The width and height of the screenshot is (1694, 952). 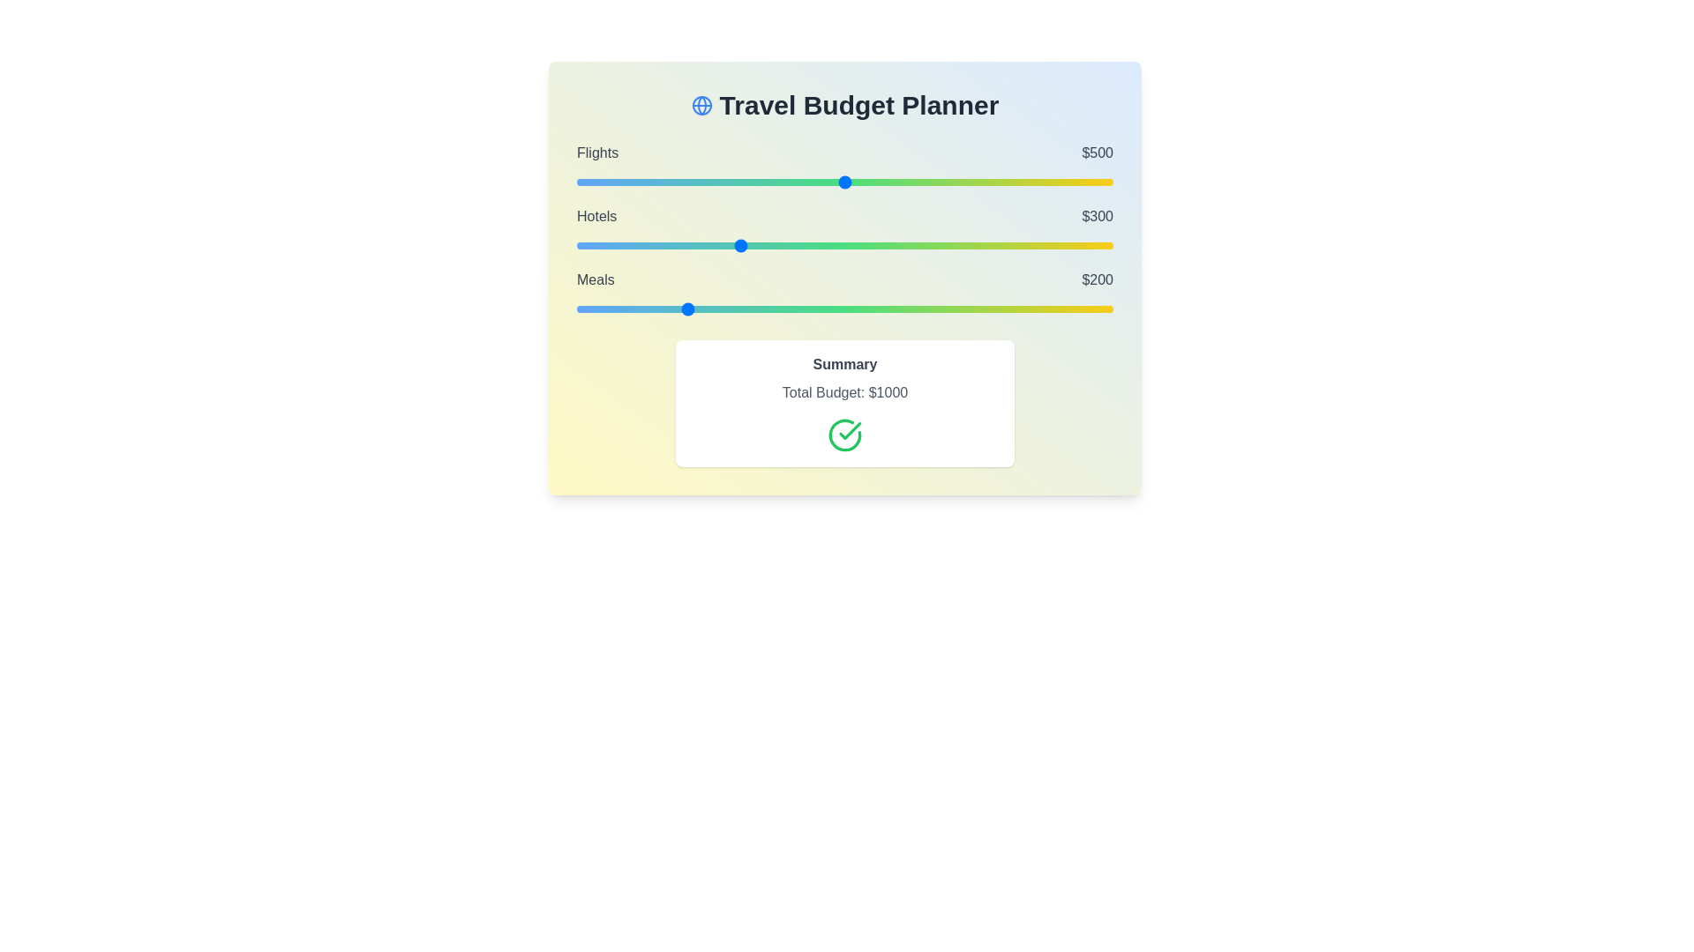 I want to click on the 'Meals' slider to 683 within the range 0 to 1000, so click(x=942, y=309).